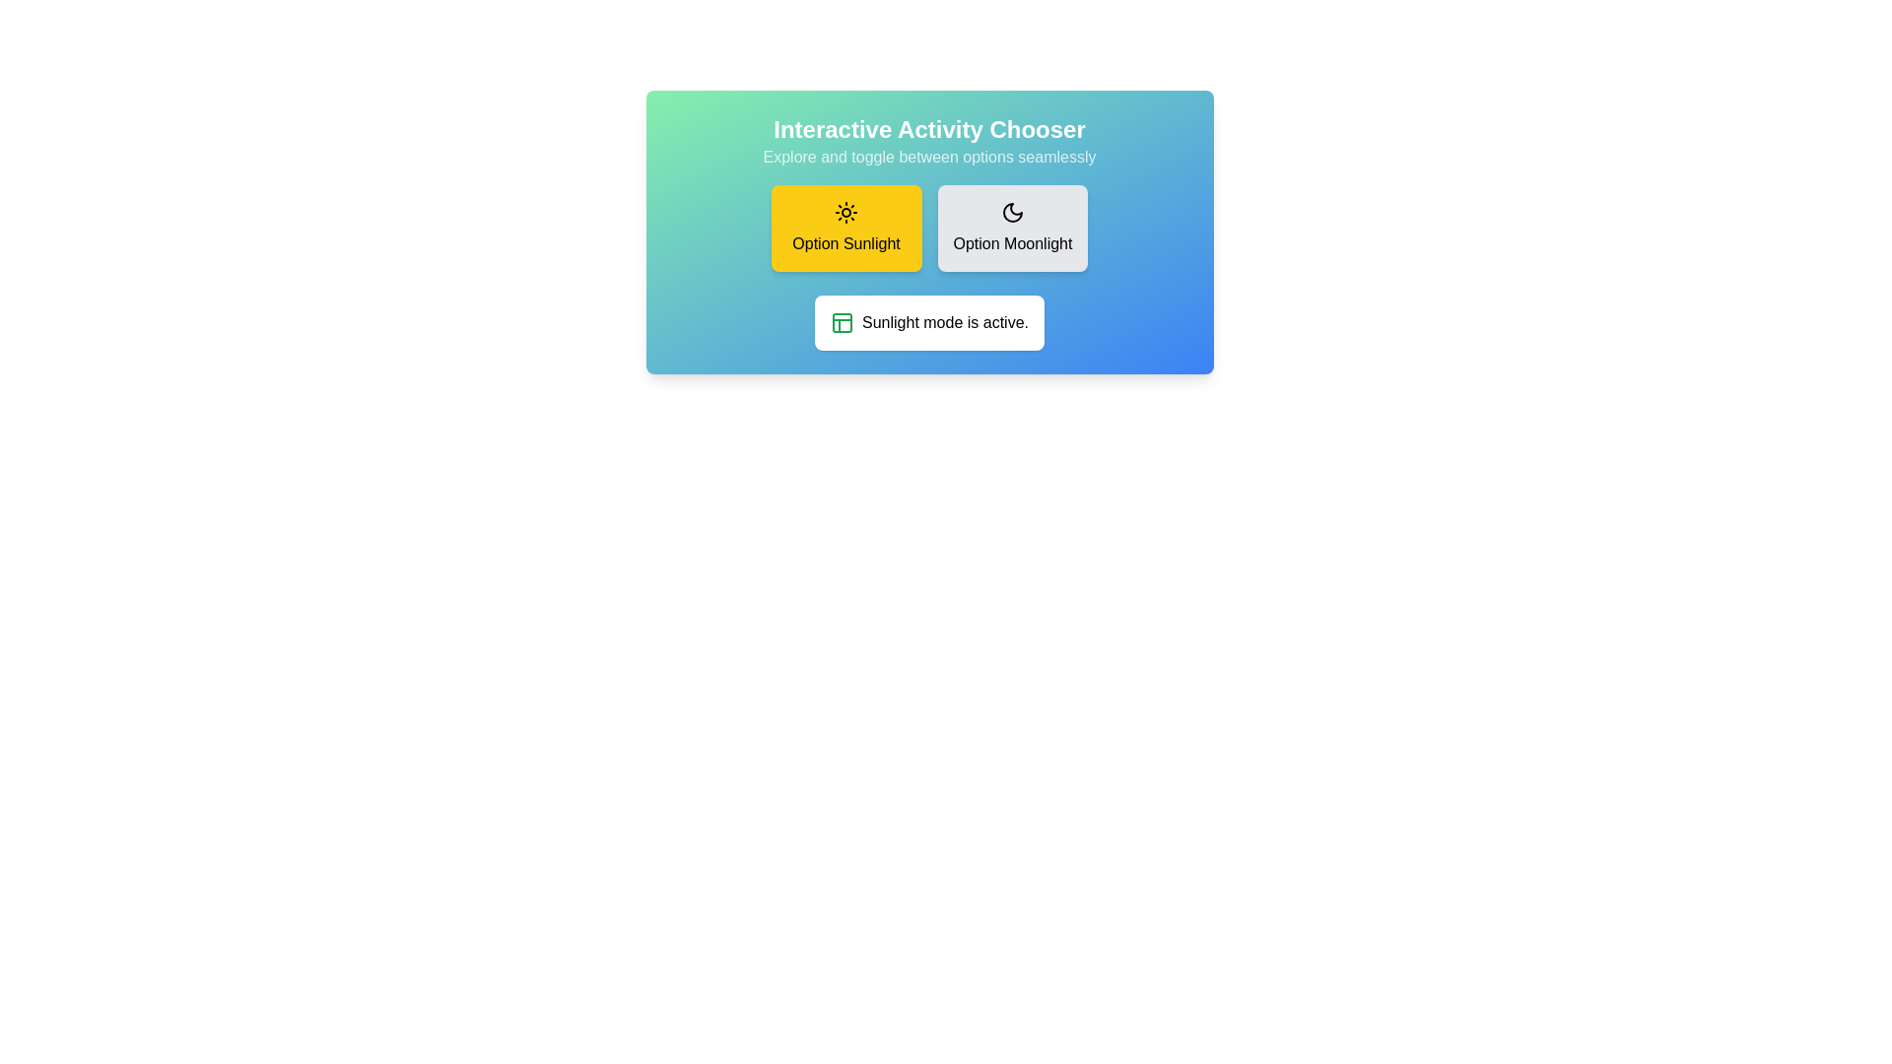  What do you see at coordinates (1012, 227) in the screenshot?
I see `the 'Moonlight' theme button, which is represented by a moon icon and is located to the right of the 'Option Sunlight' button, beneath the 'Interactive Activity Chooser' headline` at bounding box center [1012, 227].